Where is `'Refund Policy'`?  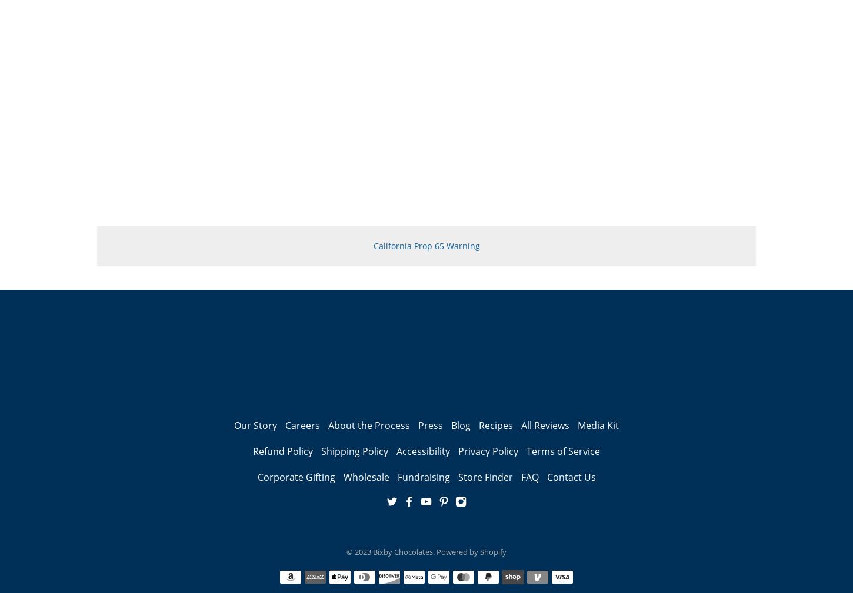 'Refund Policy' is located at coordinates (282, 451).